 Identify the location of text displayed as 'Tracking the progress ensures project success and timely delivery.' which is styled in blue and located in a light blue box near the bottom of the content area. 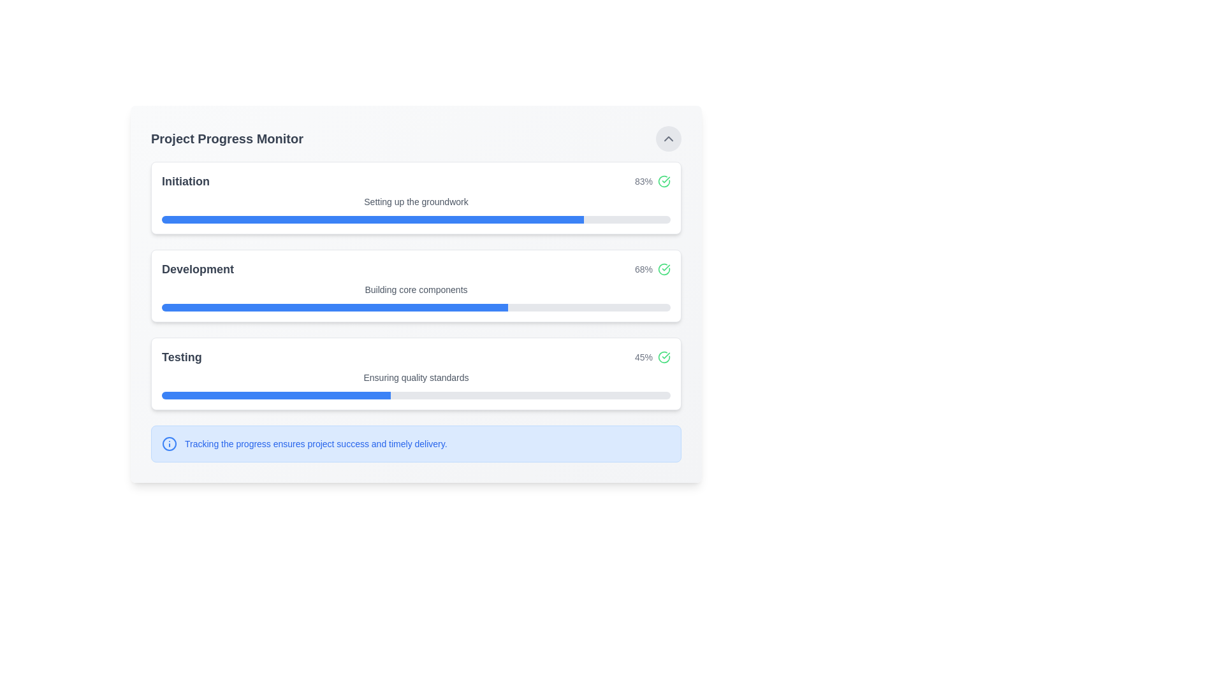
(316, 443).